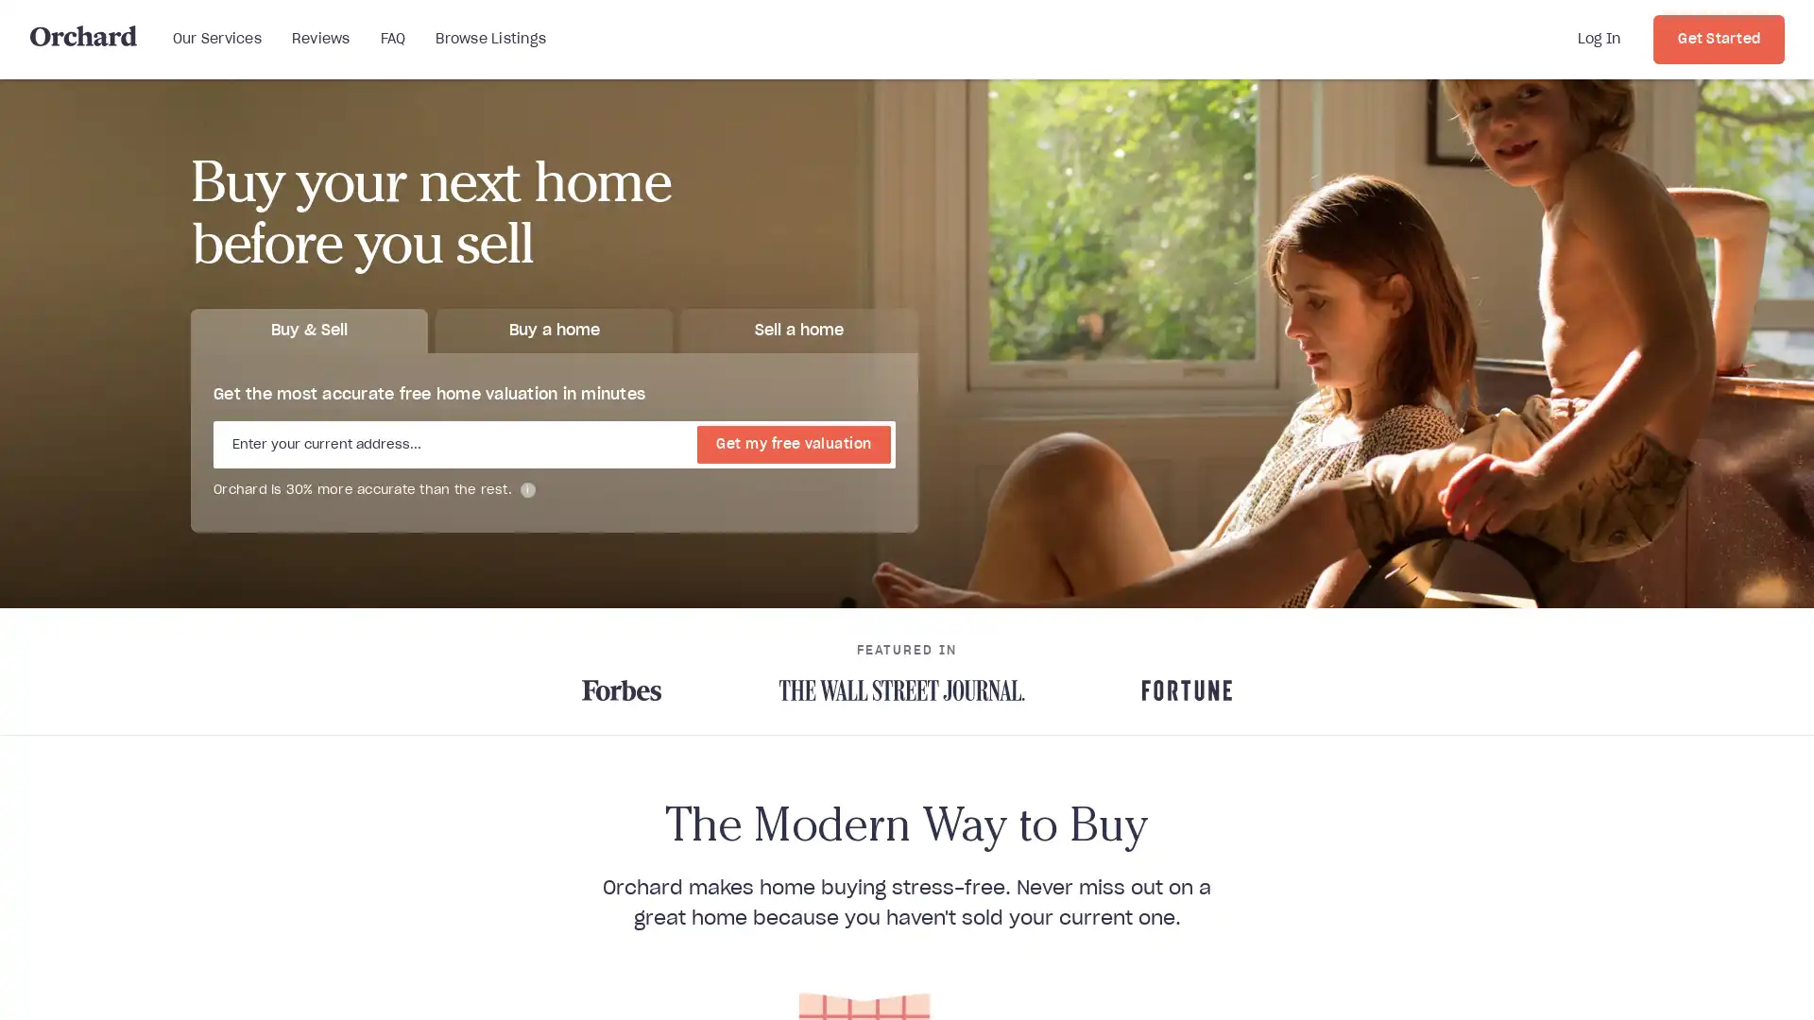 This screenshot has width=1814, height=1020. What do you see at coordinates (309, 329) in the screenshot?
I see `Buy & Sell` at bounding box center [309, 329].